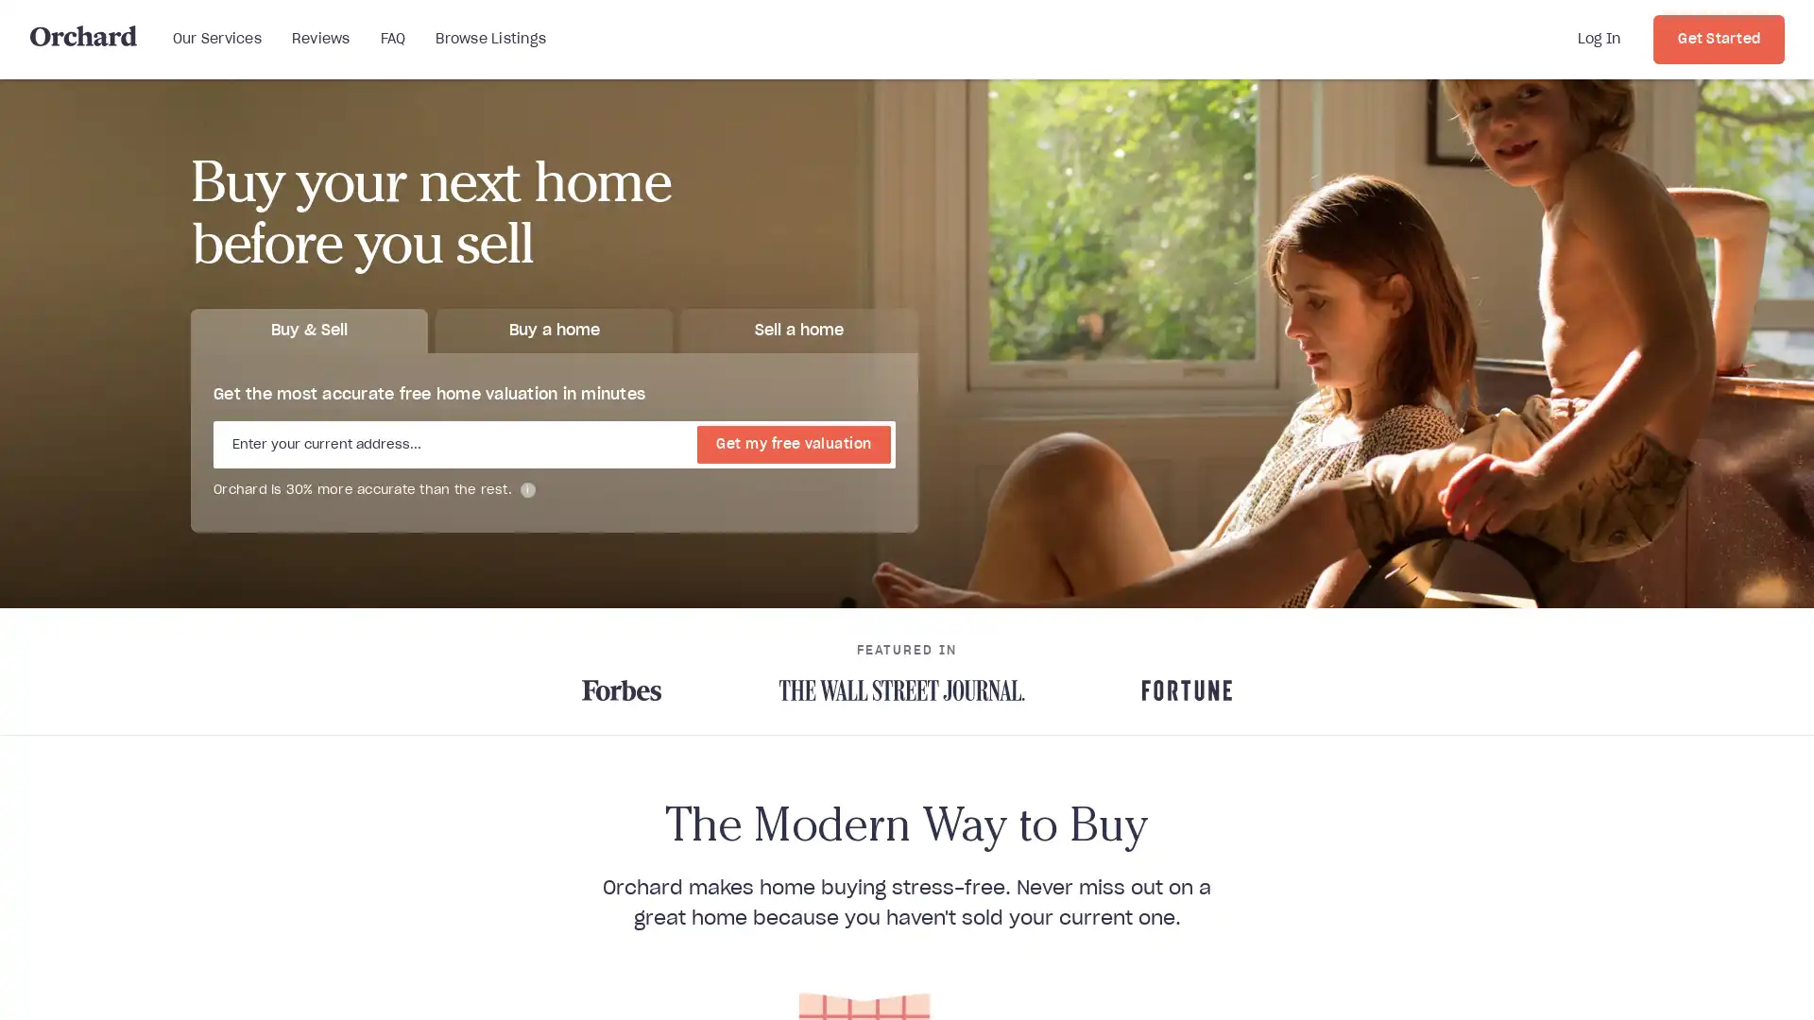 This screenshot has width=1814, height=1020. What do you see at coordinates (309, 329) in the screenshot?
I see `Buy & Sell` at bounding box center [309, 329].